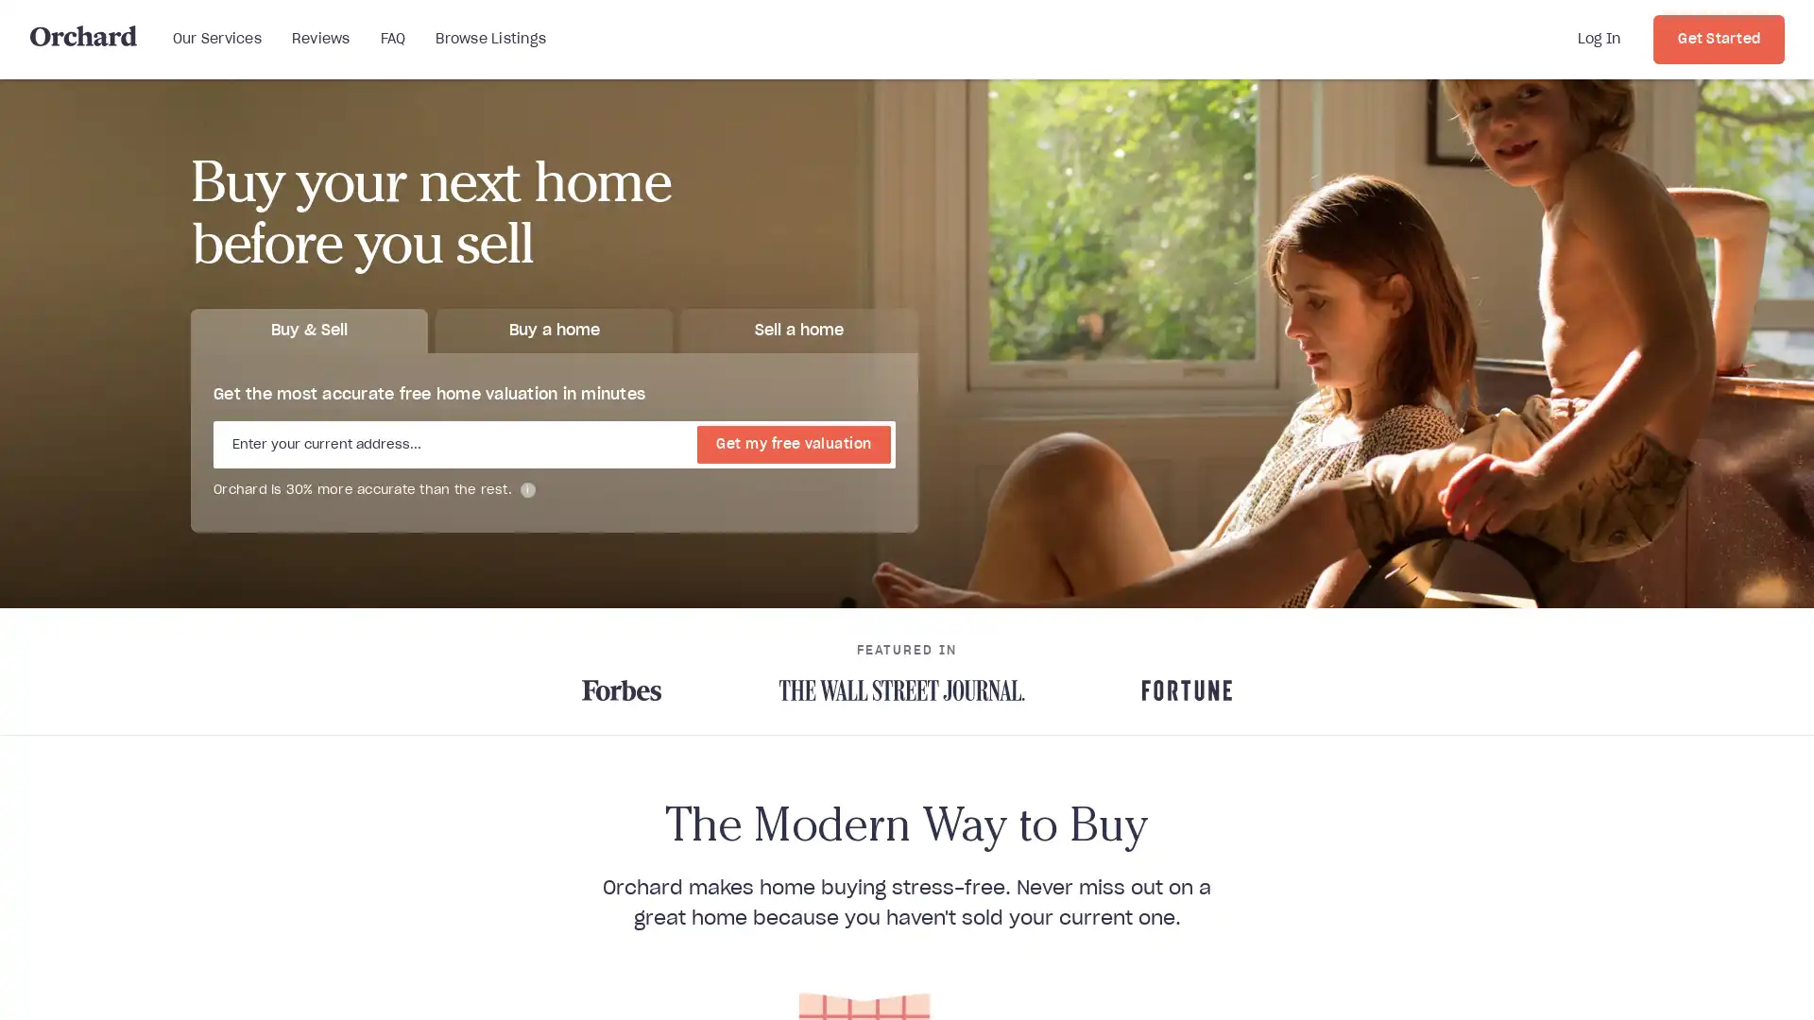 This screenshot has width=1814, height=1020. What do you see at coordinates (309, 329) in the screenshot?
I see `Buy & Sell` at bounding box center [309, 329].